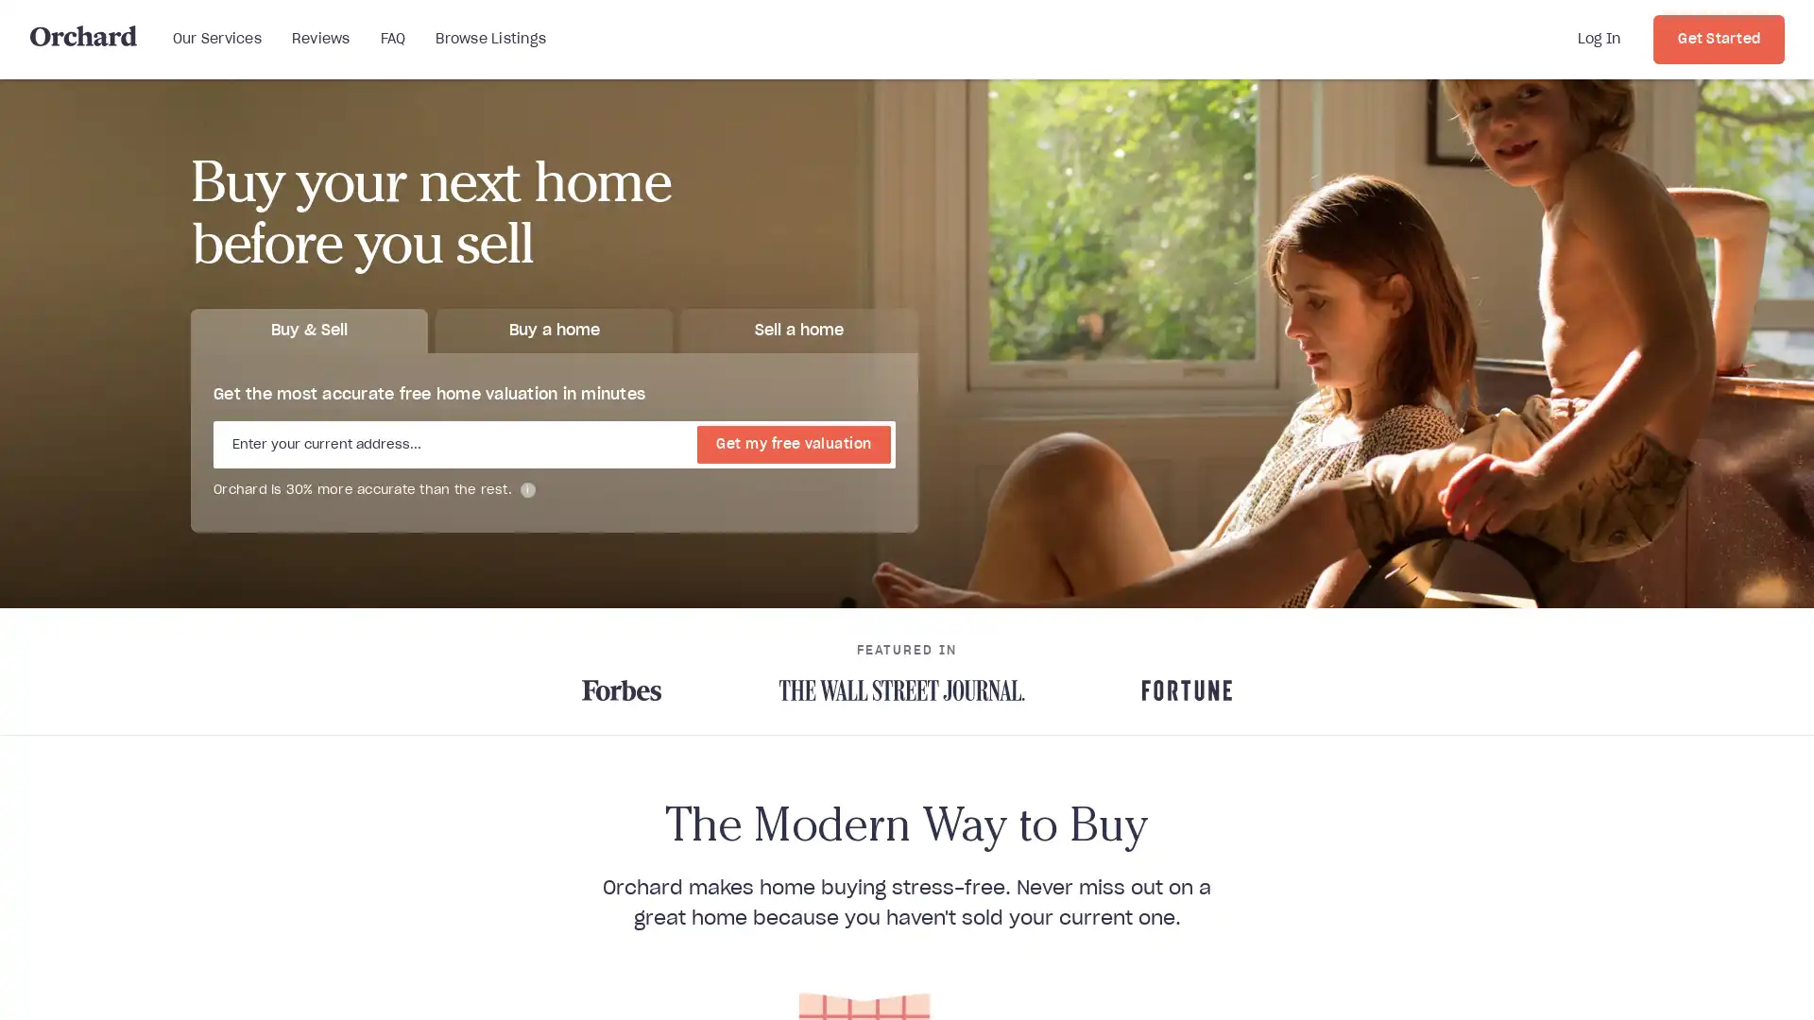 This screenshot has width=1814, height=1020. What do you see at coordinates (309, 329) in the screenshot?
I see `Buy & Sell` at bounding box center [309, 329].